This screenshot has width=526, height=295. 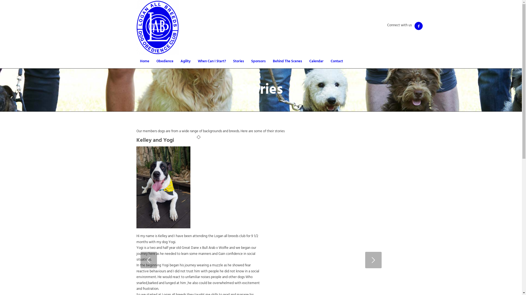 I want to click on 'Contact', so click(x=336, y=61).